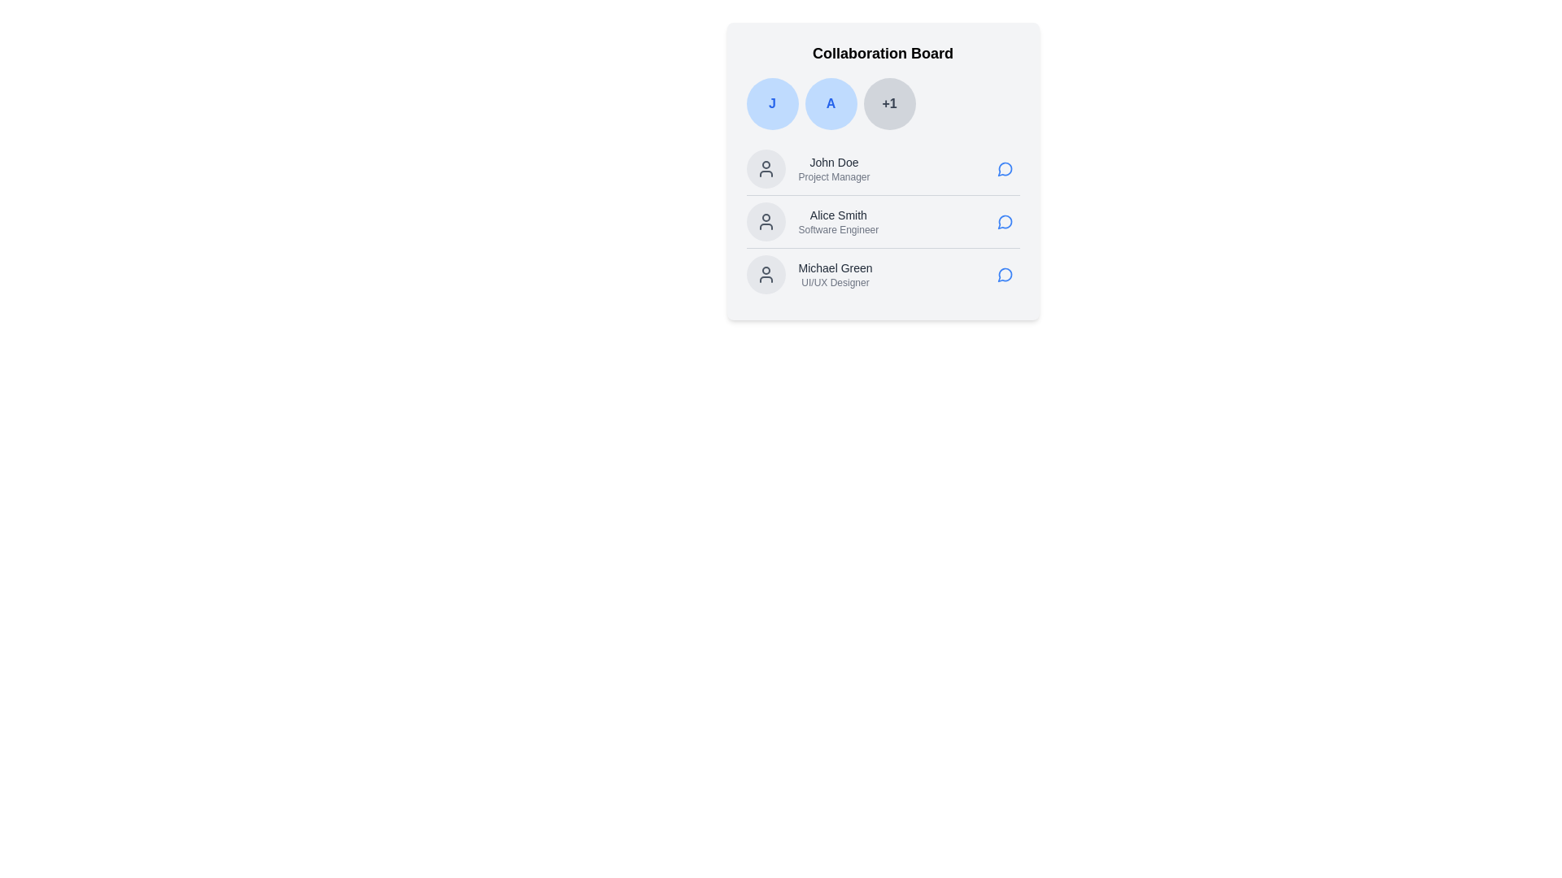  What do you see at coordinates (1004, 222) in the screenshot?
I see `the circular speech bubble icon indicating chat or comment feature associated with the user 'Alice Smith'` at bounding box center [1004, 222].